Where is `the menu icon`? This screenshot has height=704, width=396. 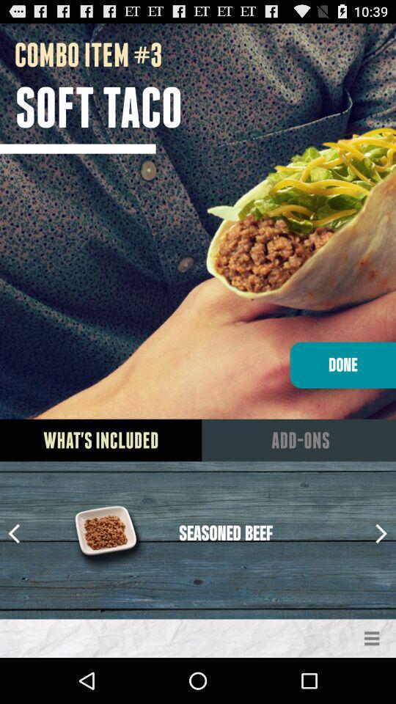 the menu icon is located at coordinates (372, 683).